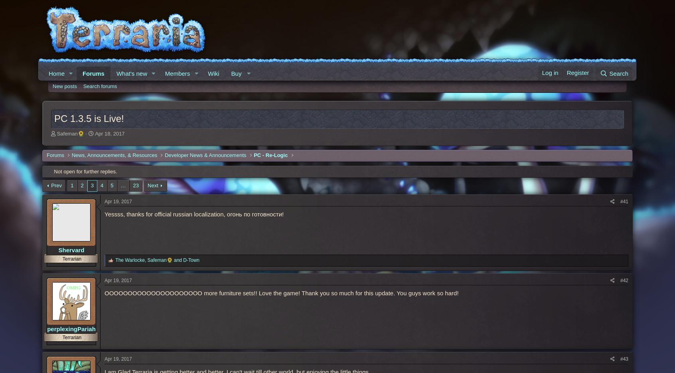 The height and width of the screenshot is (373, 675). I want to click on 'What's new', so click(131, 73).